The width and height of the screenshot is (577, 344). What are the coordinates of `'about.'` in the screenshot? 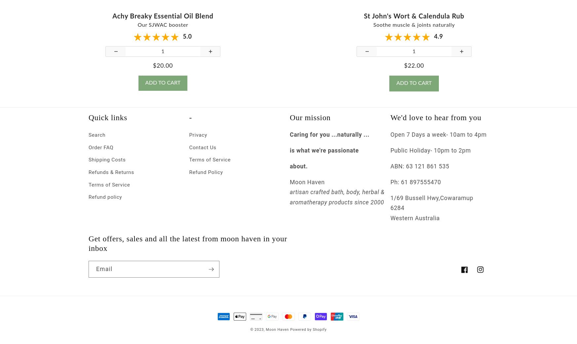 It's located at (298, 172).